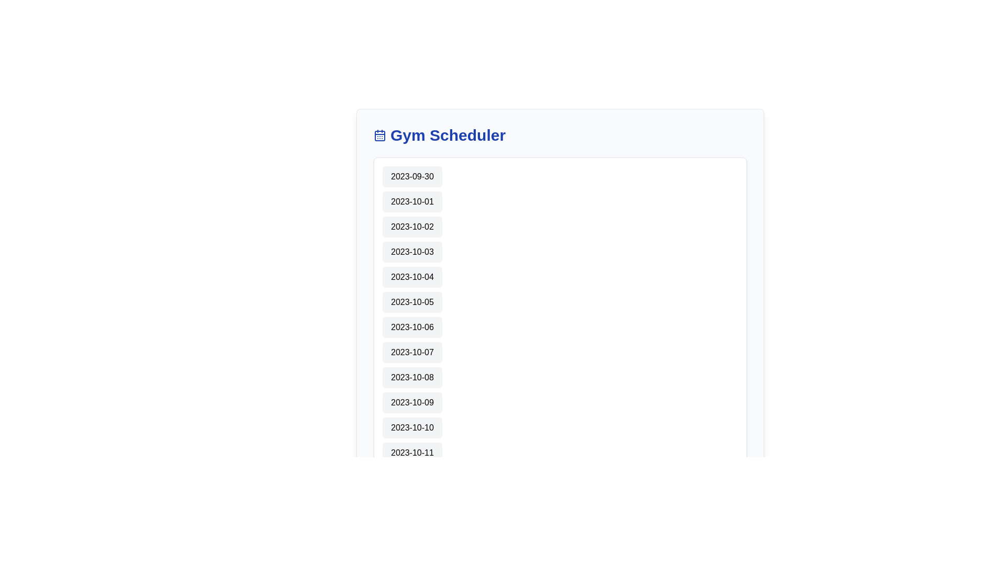  What do you see at coordinates (379, 135) in the screenshot?
I see `the small square shape with rounded corners that is part of the calendar icon located next to the 'Gym Scheduler' text` at bounding box center [379, 135].